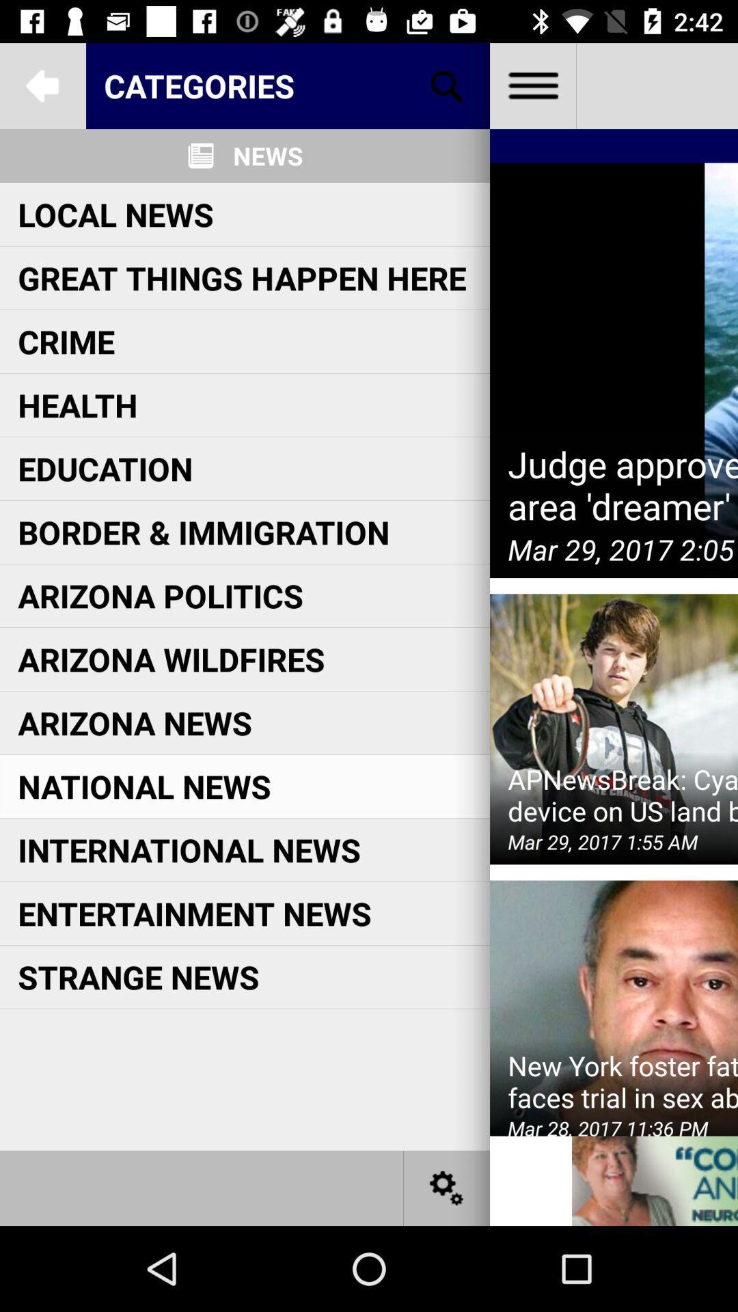  What do you see at coordinates (42, 85) in the screenshot?
I see `the arrow_backward icon` at bounding box center [42, 85].